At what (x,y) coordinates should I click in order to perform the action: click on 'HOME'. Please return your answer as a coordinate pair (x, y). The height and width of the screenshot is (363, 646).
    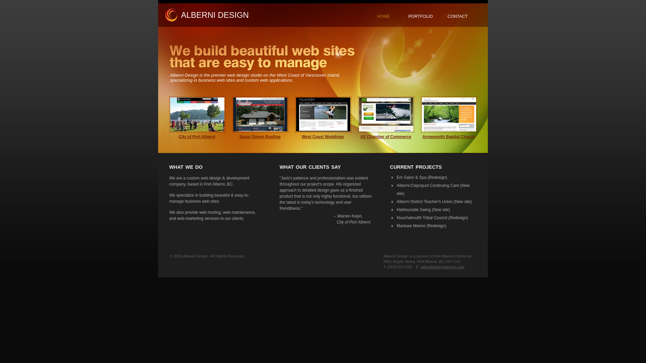
    Looking at the image, I should click on (384, 16).